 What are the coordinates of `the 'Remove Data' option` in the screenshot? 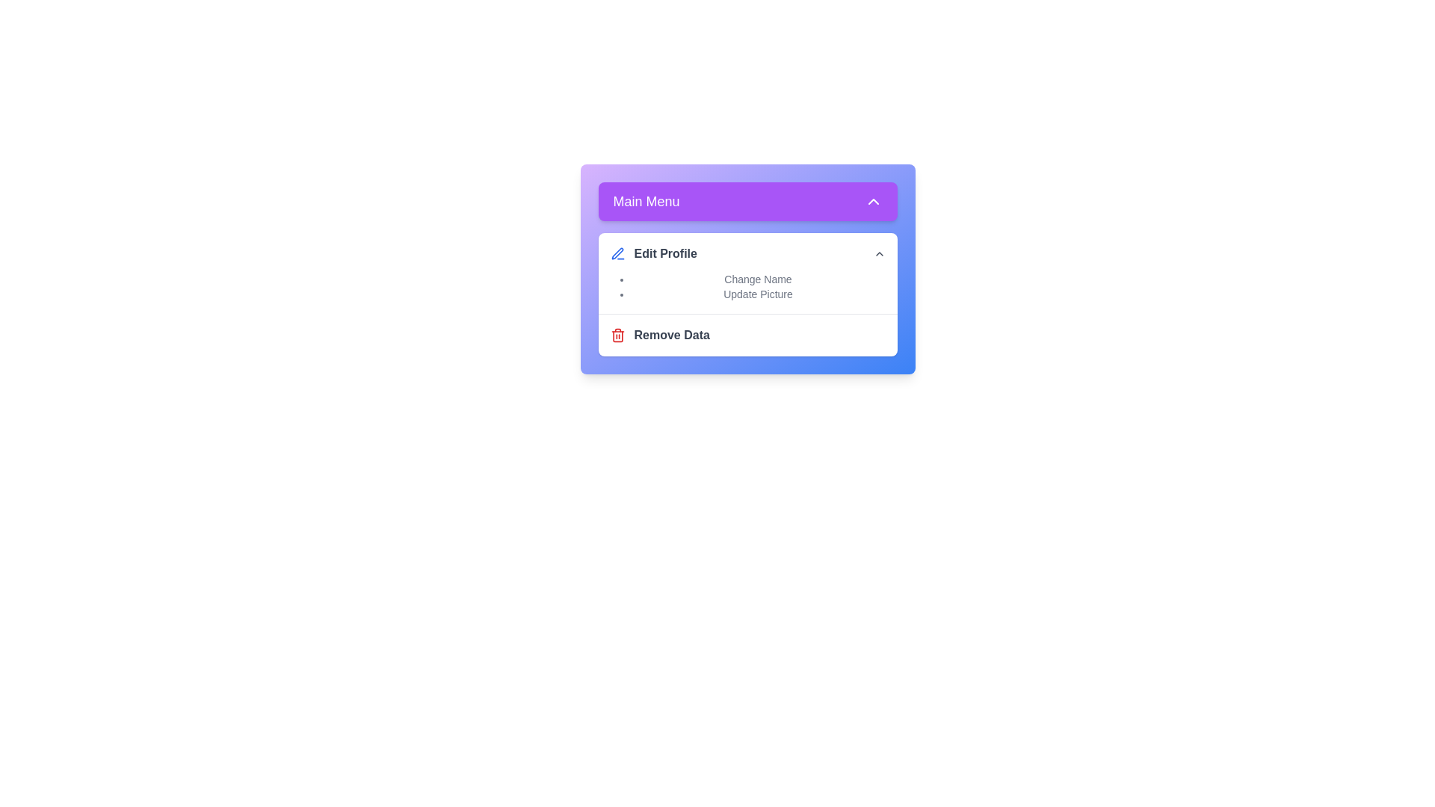 It's located at (747, 334).